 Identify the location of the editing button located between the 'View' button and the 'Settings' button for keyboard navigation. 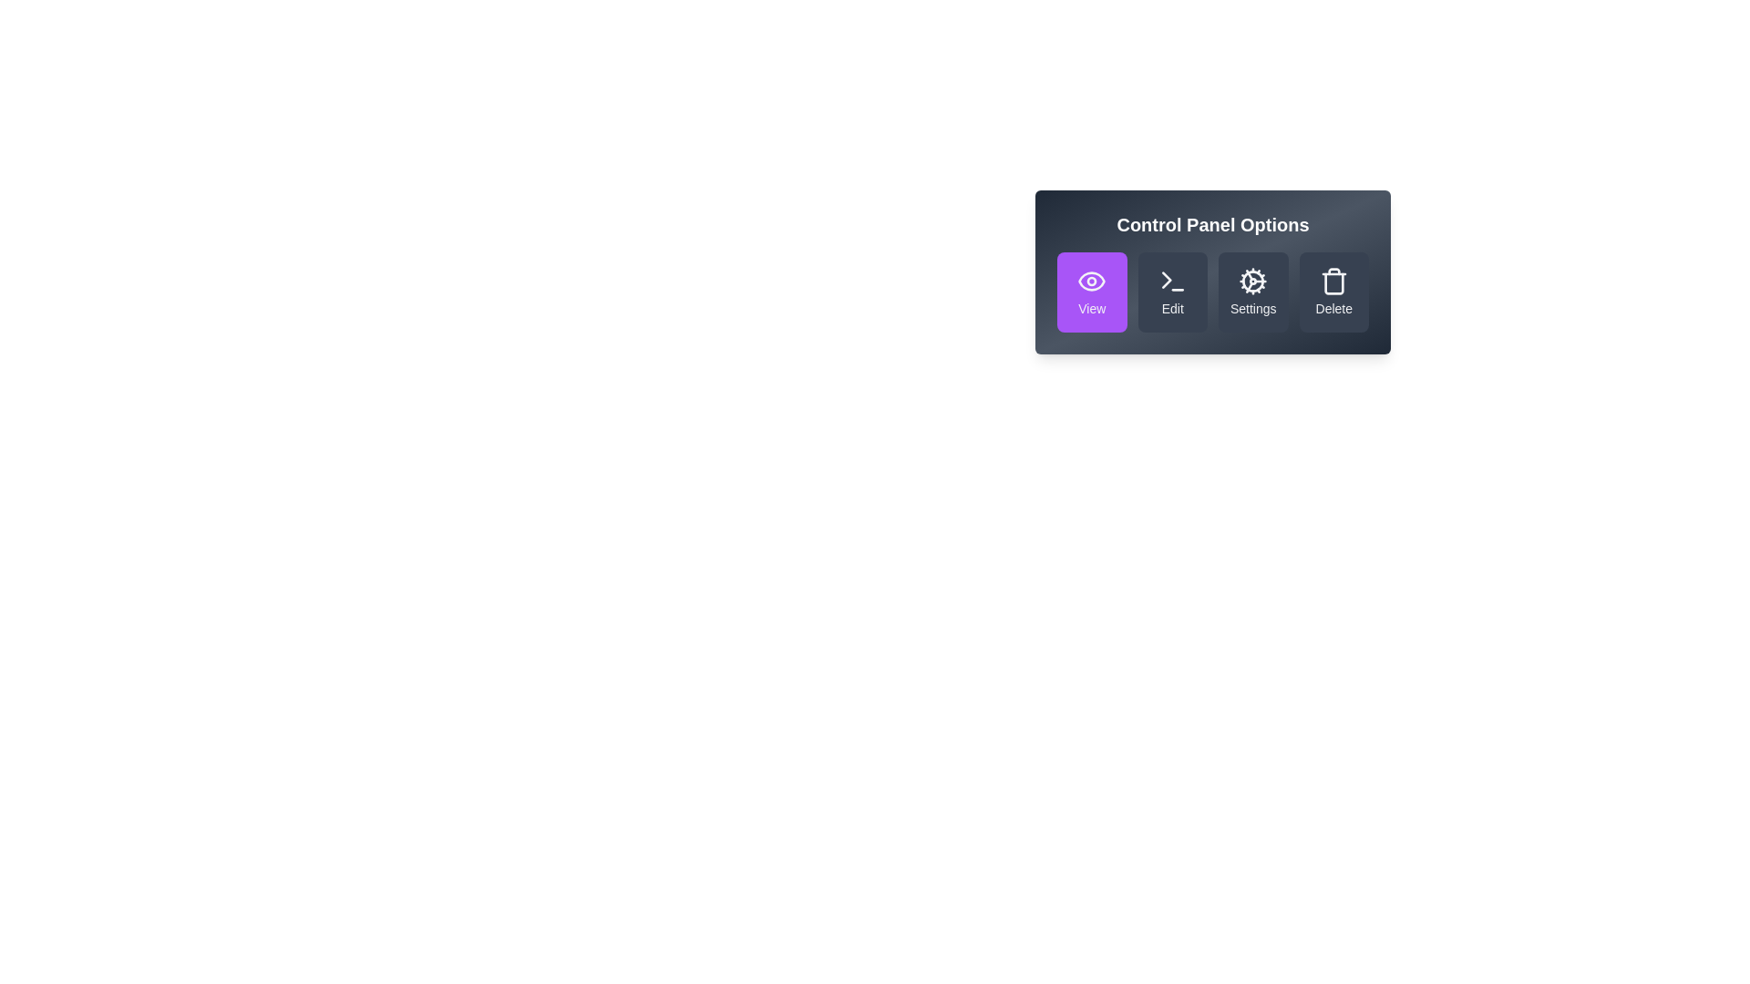
(1172, 291).